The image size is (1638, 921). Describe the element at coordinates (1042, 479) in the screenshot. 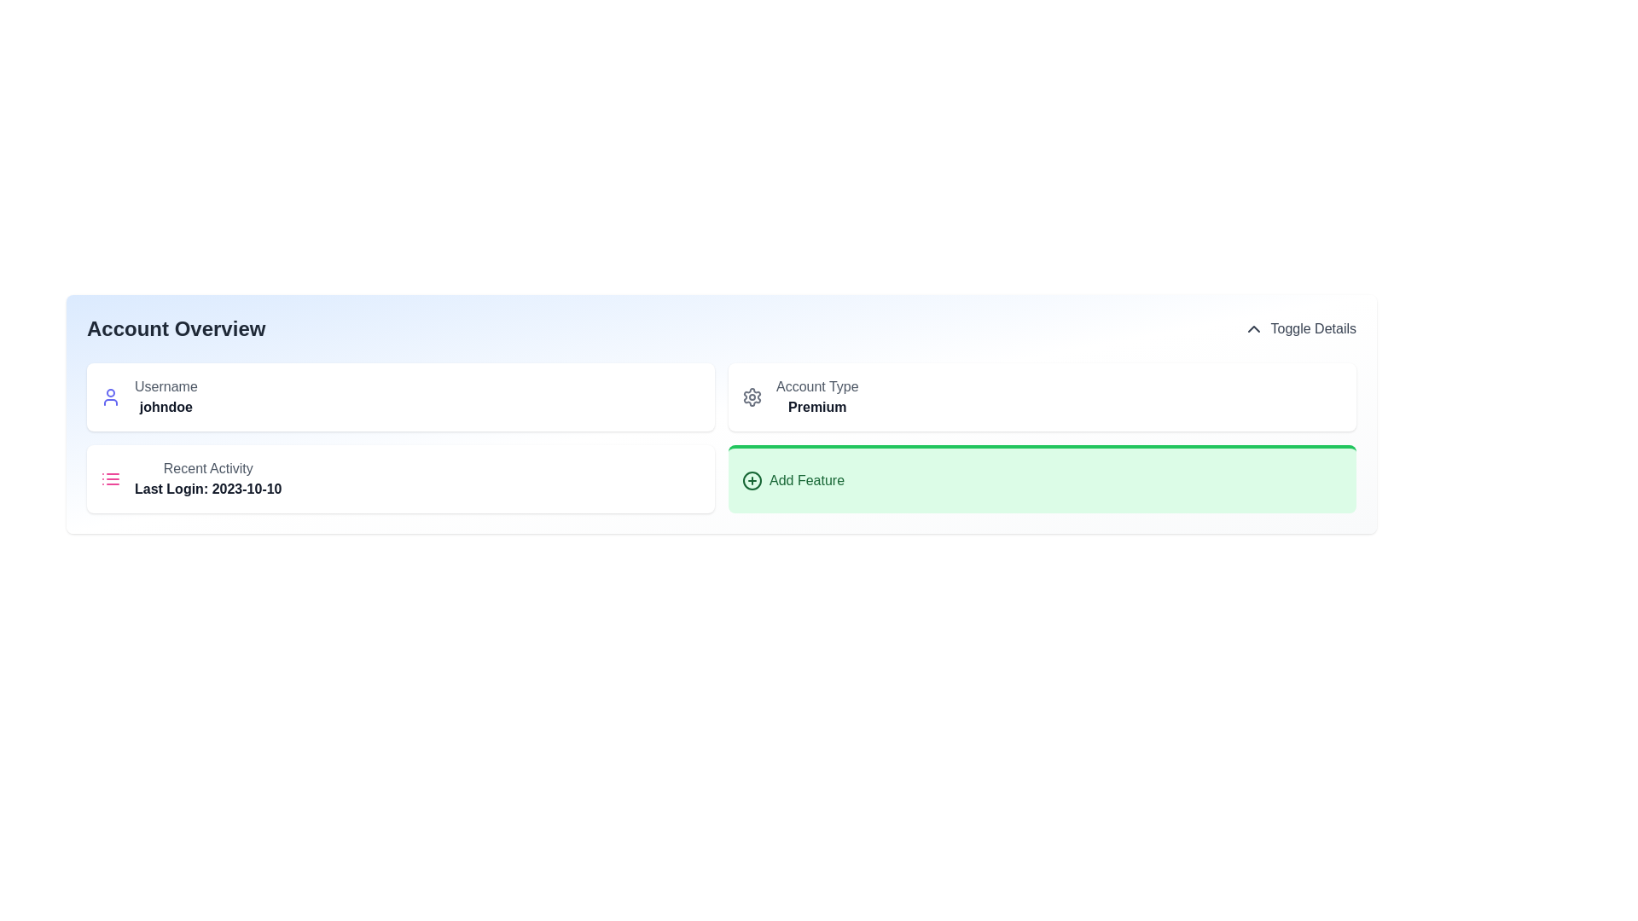

I see `the 'Add Feature' button located in the lower right section of the 'Account Overview' layout for keyboard interaction` at that location.